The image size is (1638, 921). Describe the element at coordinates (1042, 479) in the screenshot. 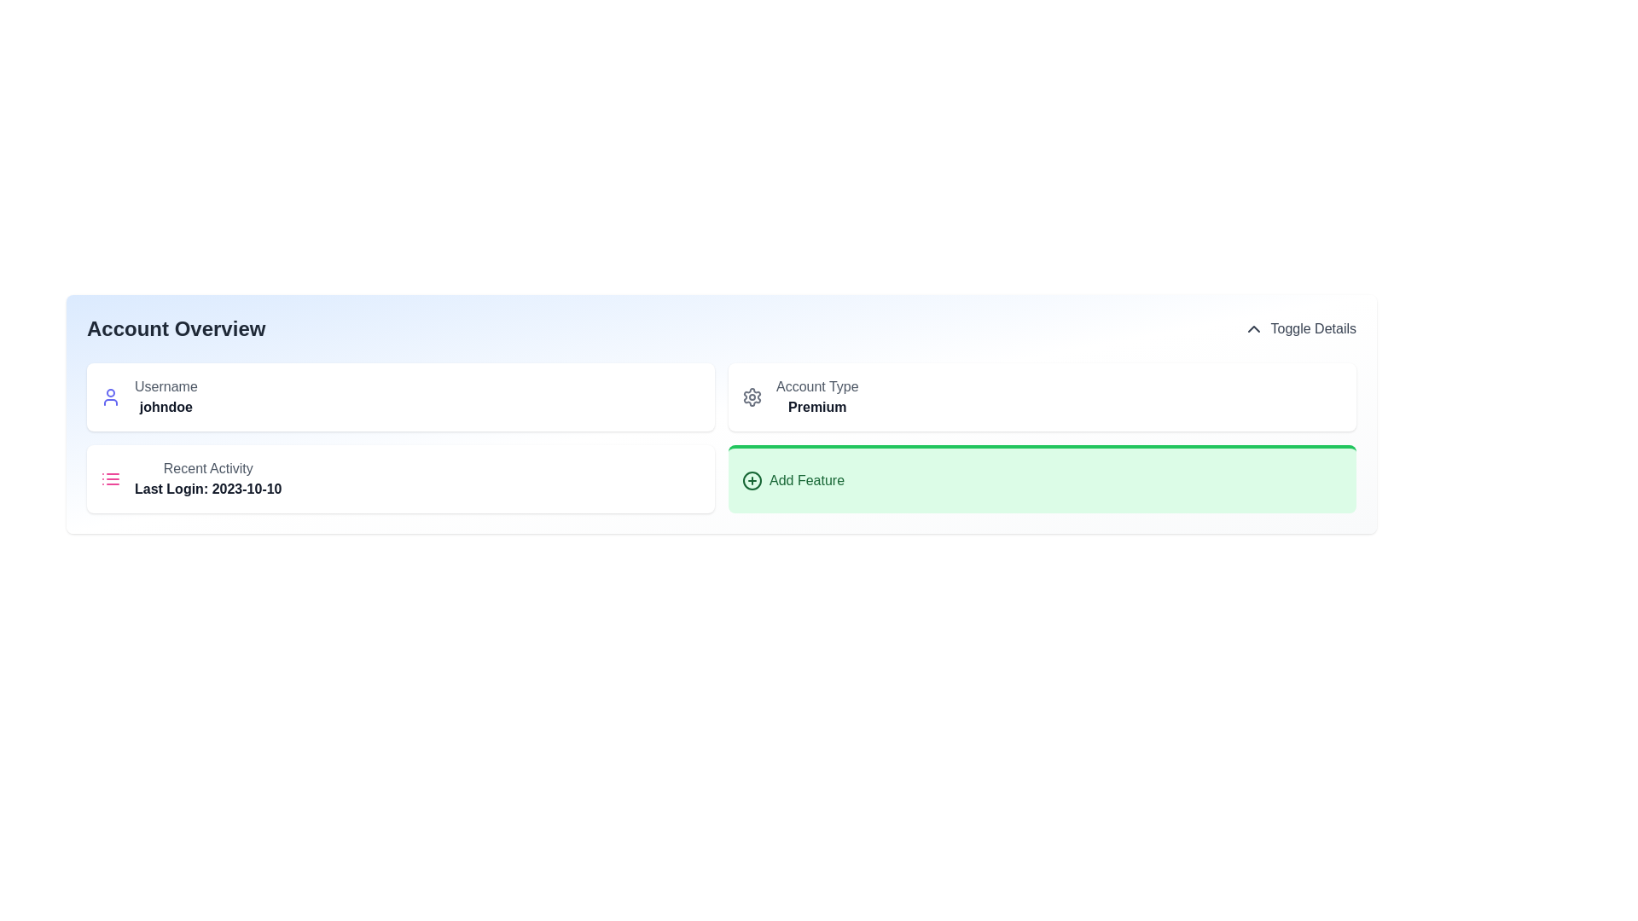

I see `the 'Add Feature' button located in the lower right section of the 'Account Overview' layout for keyboard interaction` at that location.